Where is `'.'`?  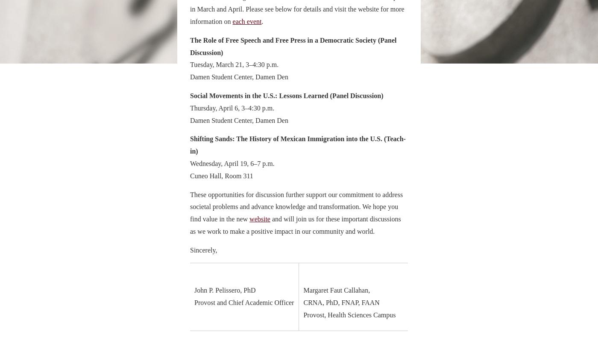 '.' is located at coordinates (261, 21).